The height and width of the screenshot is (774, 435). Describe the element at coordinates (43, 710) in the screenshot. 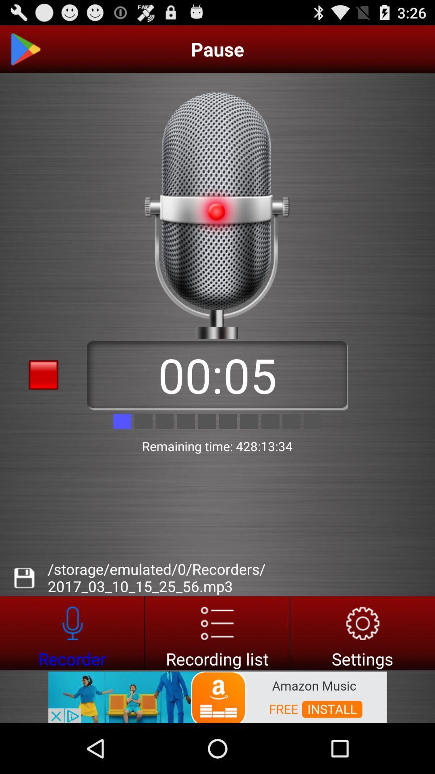

I see `advertisement` at that location.